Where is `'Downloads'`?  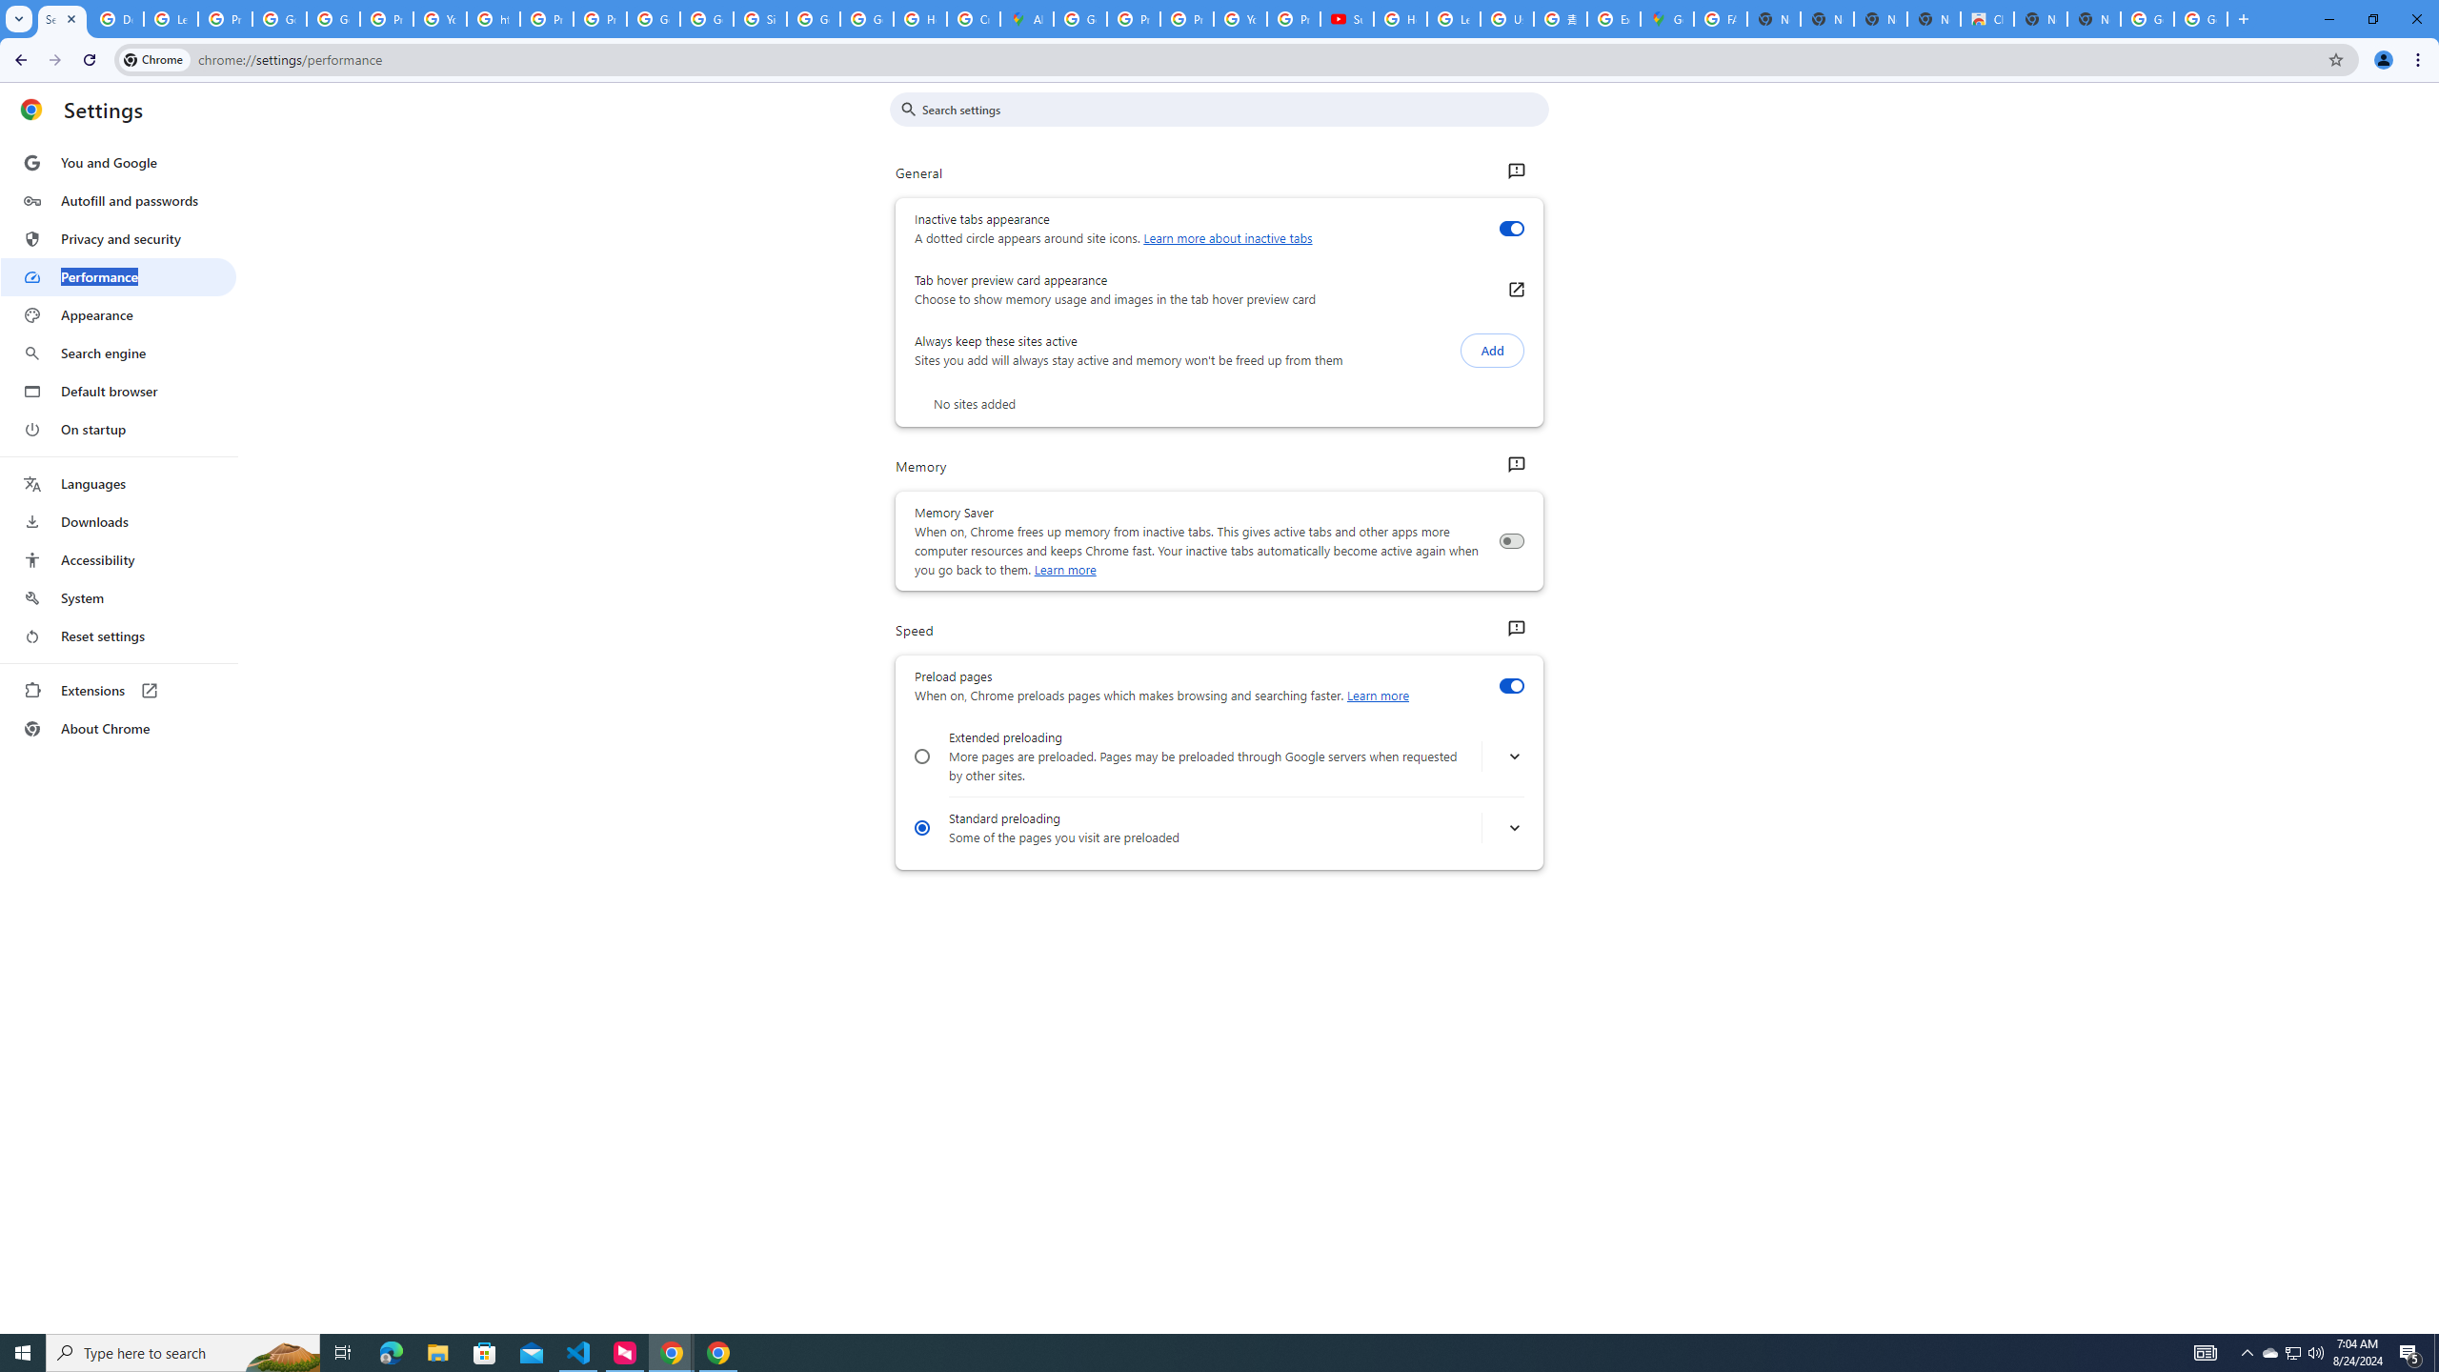
'Downloads' is located at coordinates (117, 521).